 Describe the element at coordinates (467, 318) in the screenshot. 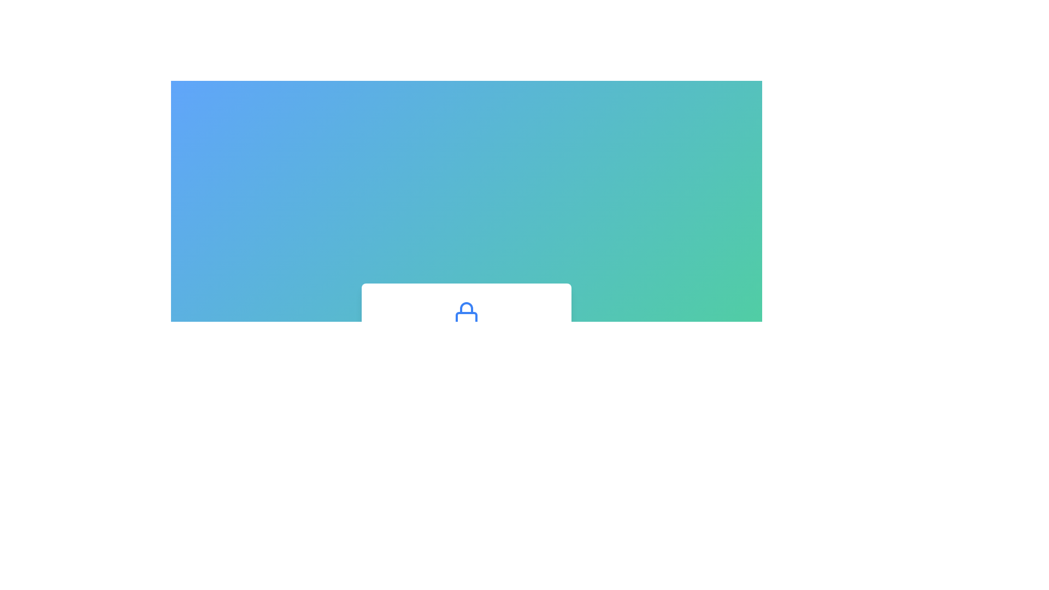

I see `the decorative graphical element that represents the body of the lock within the lock icon graphic, located at the bottom center of the lock icon, directly below the circular arch` at that location.